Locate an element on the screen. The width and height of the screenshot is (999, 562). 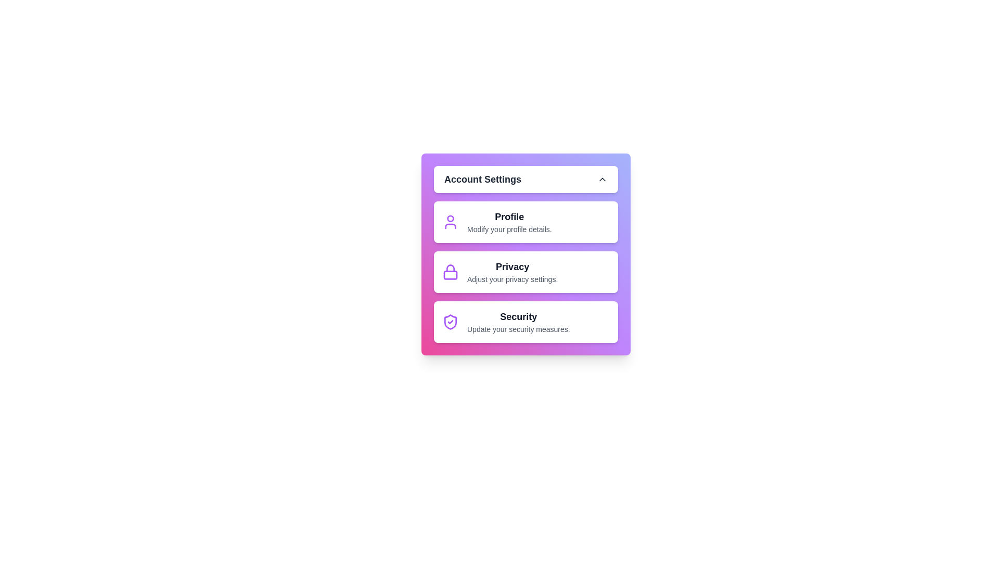
the 'Privacy' menu item to access privacy settings is located at coordinates (526, 272).